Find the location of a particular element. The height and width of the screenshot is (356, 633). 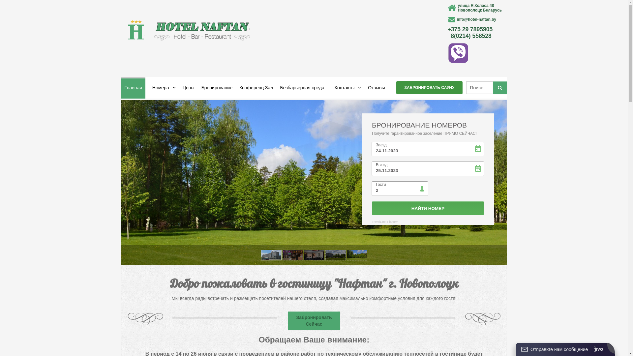

'Slide item 5' is located at coordinates (356, 255).